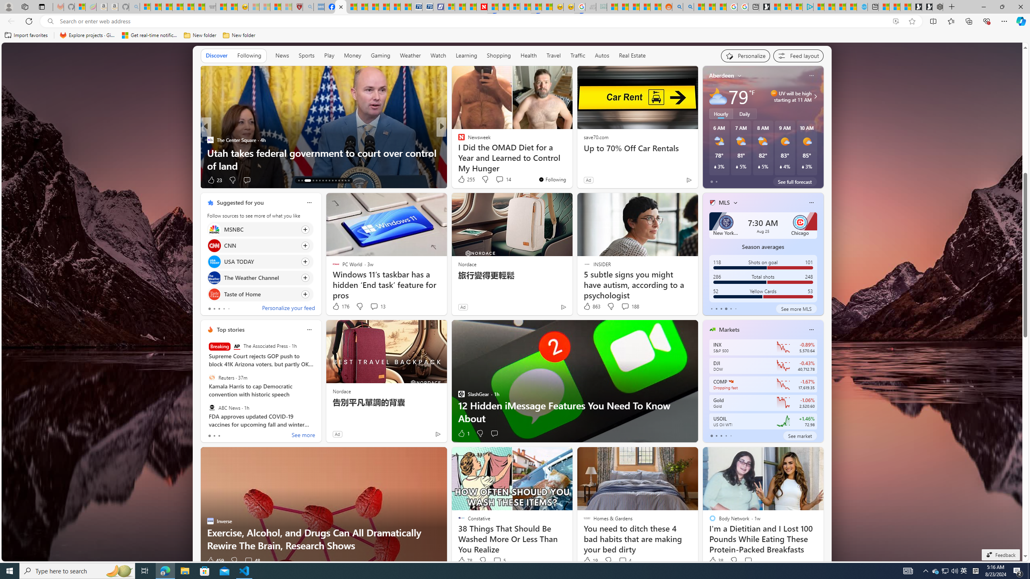 Image resolution: width=1030 pixels, height=579 pixels. Describe the element at coordinates (625, 306) in the screenshot. I see `'View comments 188 Comment'` at that location.